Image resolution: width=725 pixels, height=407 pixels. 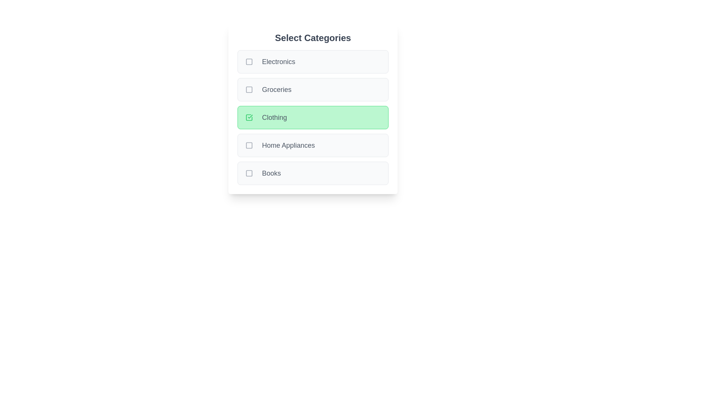 I want to click on the category Books, so click(x=313, y=173).